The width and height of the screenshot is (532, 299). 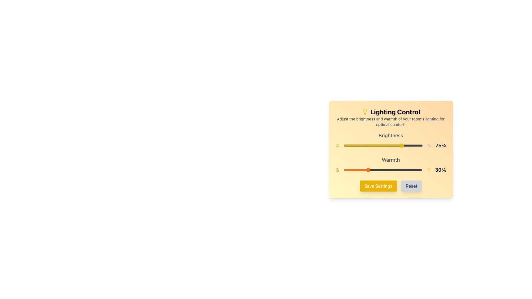 I want to click on warmth, so click(x=411, y=169).